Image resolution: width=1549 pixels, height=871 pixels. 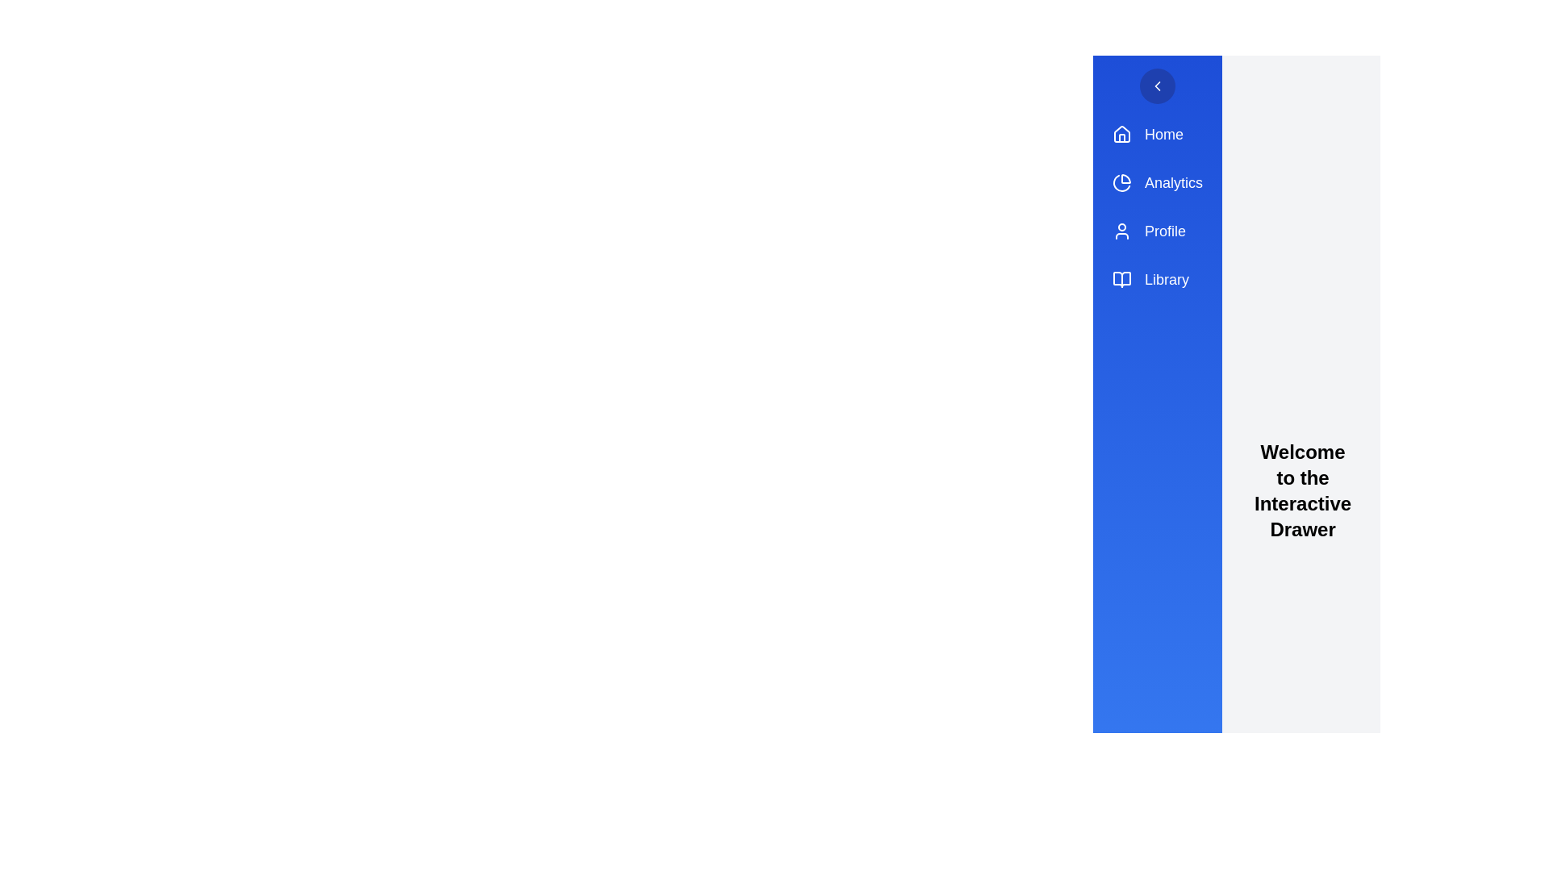 What do you see at coordinates (1157, 86) in the screenshot?
I see `circular button with the chevron icon to toggle the drawer's state` at bounding box center [1157, 86].